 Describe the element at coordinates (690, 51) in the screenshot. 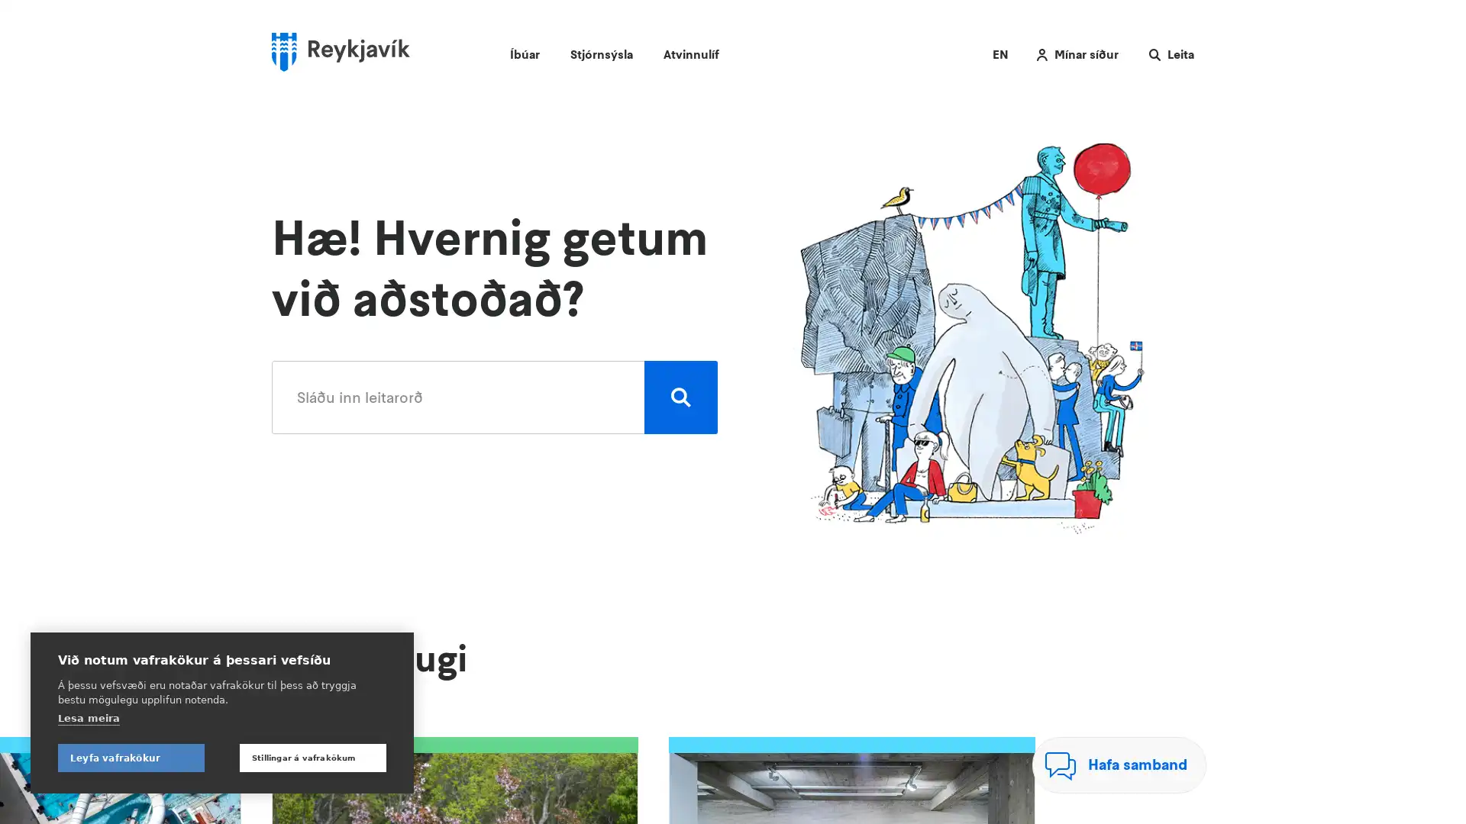

I see `Atvinnulif` at that location.